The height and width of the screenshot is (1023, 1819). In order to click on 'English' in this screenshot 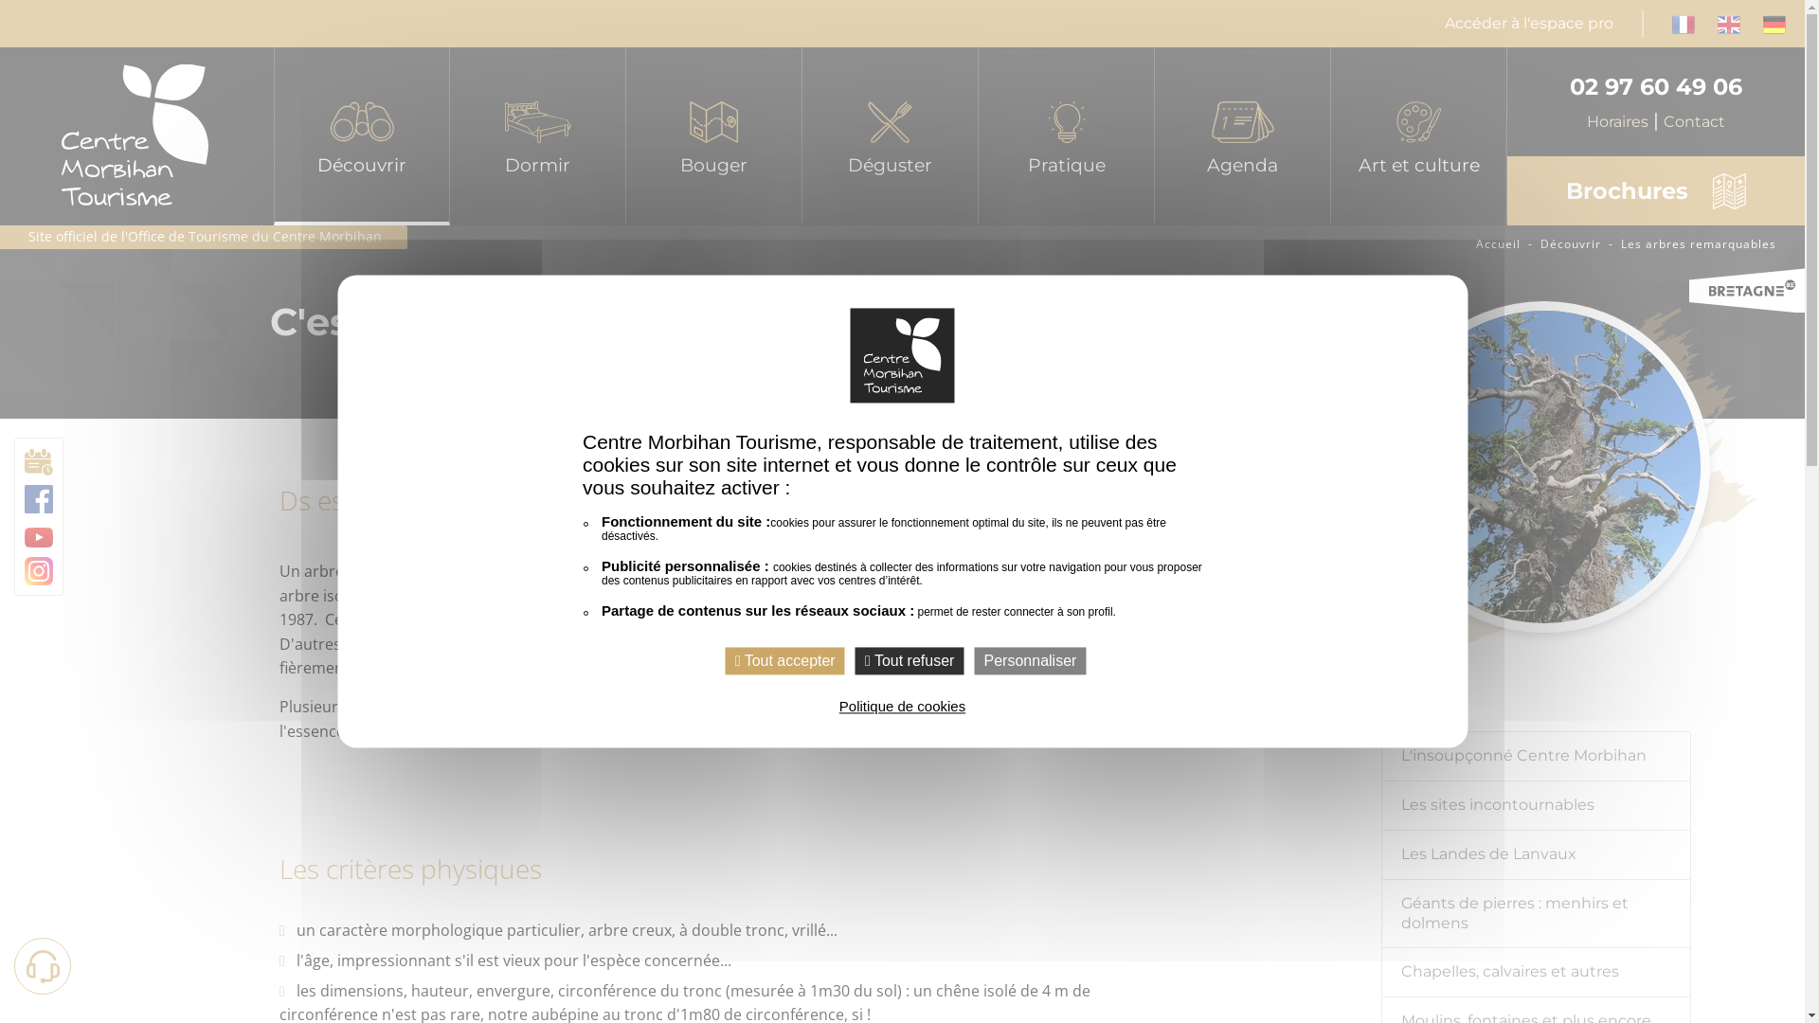, I will do `click(1728, 22)`.